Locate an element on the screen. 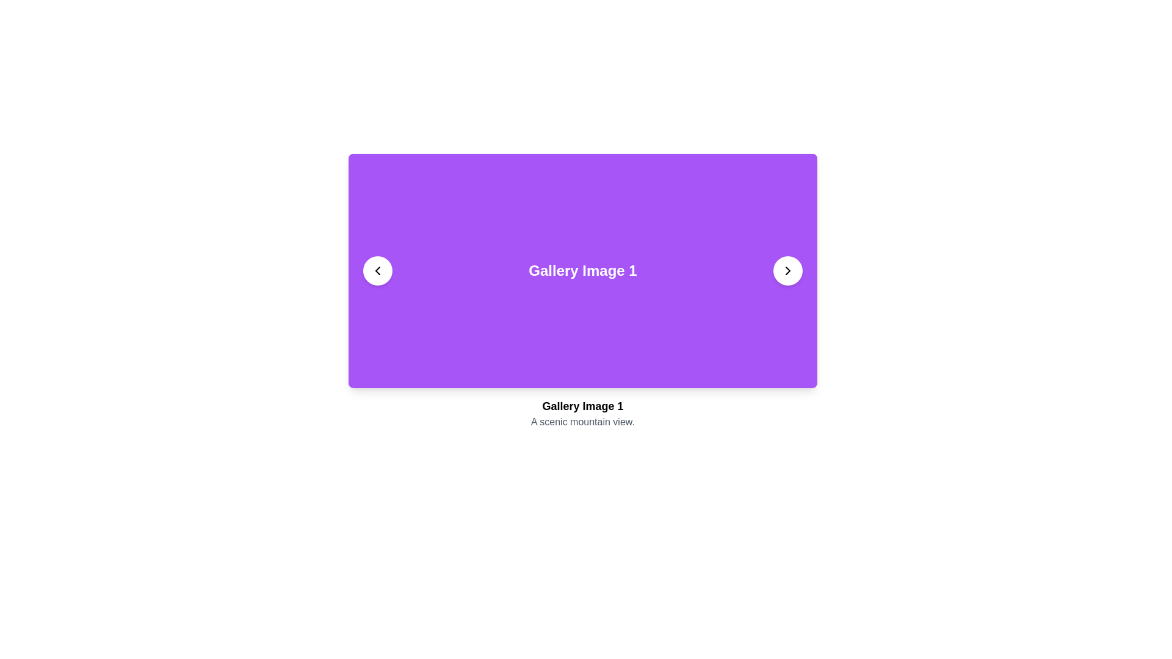  the left-pointing chevron icon used for backward navigation in the gallery, which is styled with a black outline and a white circular background is located at coordinates (377, 270).